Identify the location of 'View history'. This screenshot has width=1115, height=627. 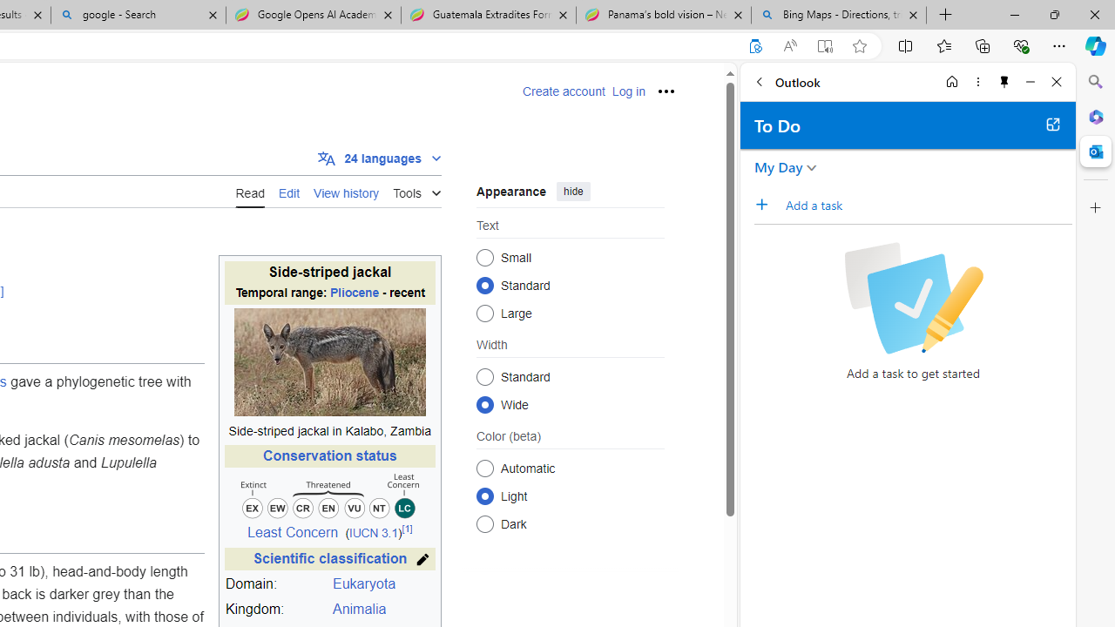
(347, 191).